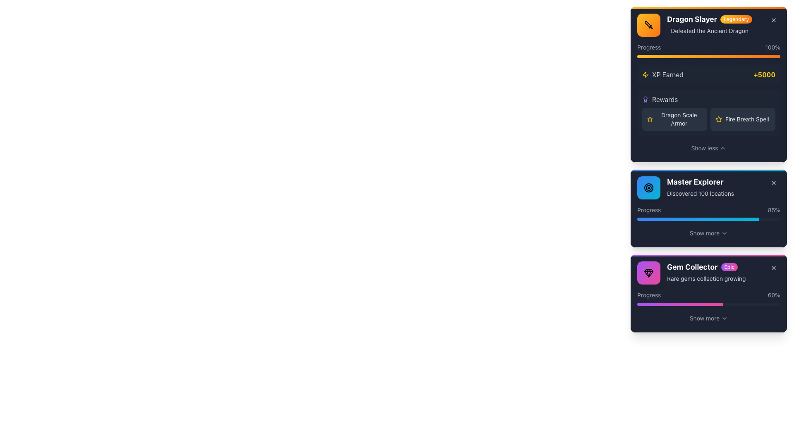  Describe the element at coordinates (724, 233) in the screenshot. I see `the downward-pointing chevron icon located beside the 'Show more' text` at that location.